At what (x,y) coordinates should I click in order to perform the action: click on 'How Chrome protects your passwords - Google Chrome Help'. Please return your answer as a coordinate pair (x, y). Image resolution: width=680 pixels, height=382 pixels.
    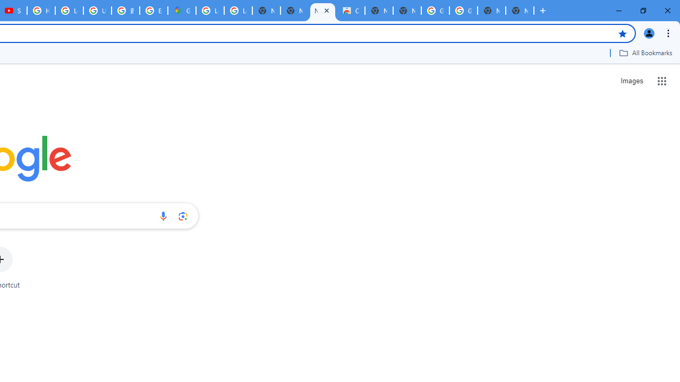
    Looking at the image, I should click on (41, 11).